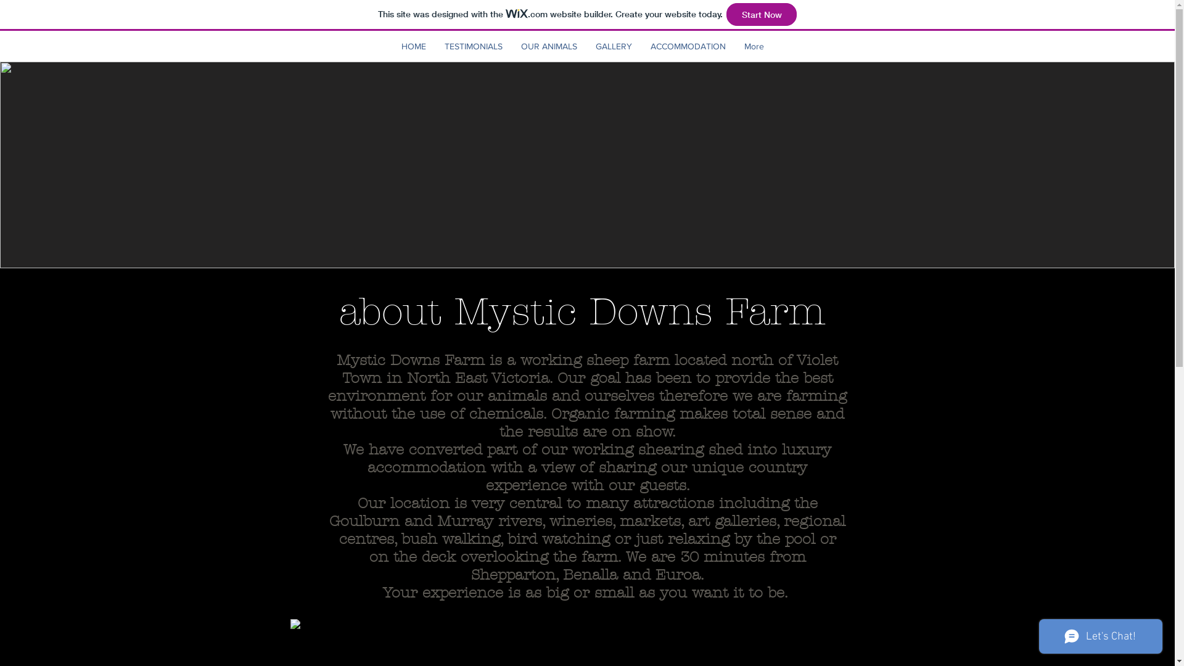 The image size is (1184, 666). I want to click on 'HOME', so click(414, 45).